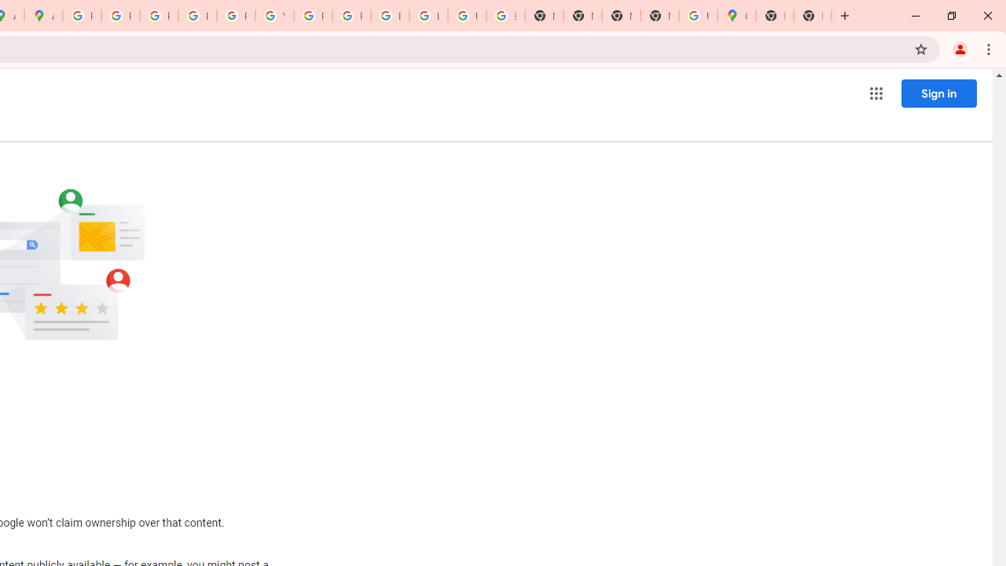  What do you see at coordinates (119, 16) in the screenshot?
I see `'Privacy Help Center - Policies Help'` at bounding box center [119, 16].